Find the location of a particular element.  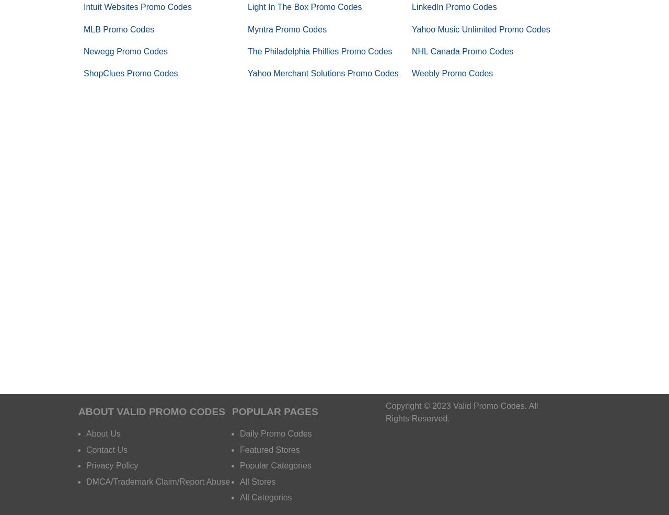

'About Us' is located at coordinates (103, 433).